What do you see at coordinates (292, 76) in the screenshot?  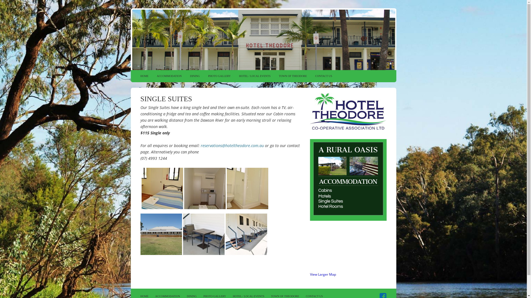 I see `'TOWN OF THEODORE'` at bounding box center [292, 76].